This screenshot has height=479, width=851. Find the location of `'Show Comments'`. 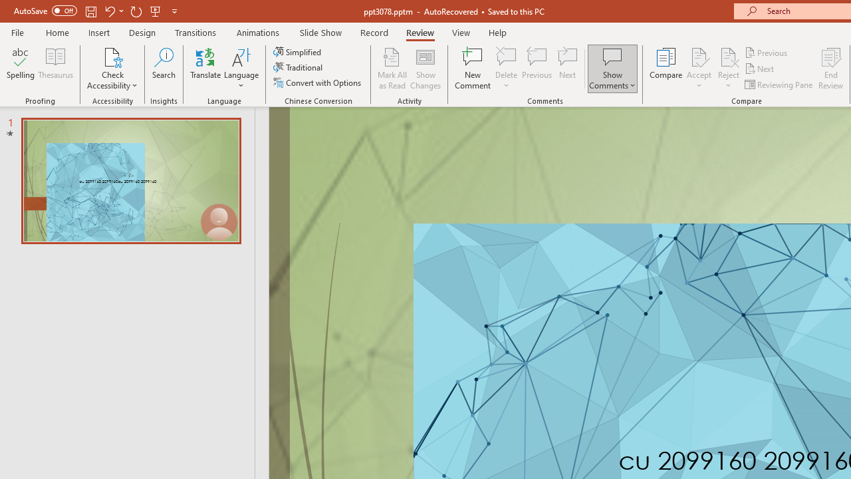

'Show Comments' is located at coordinates (612, 56).